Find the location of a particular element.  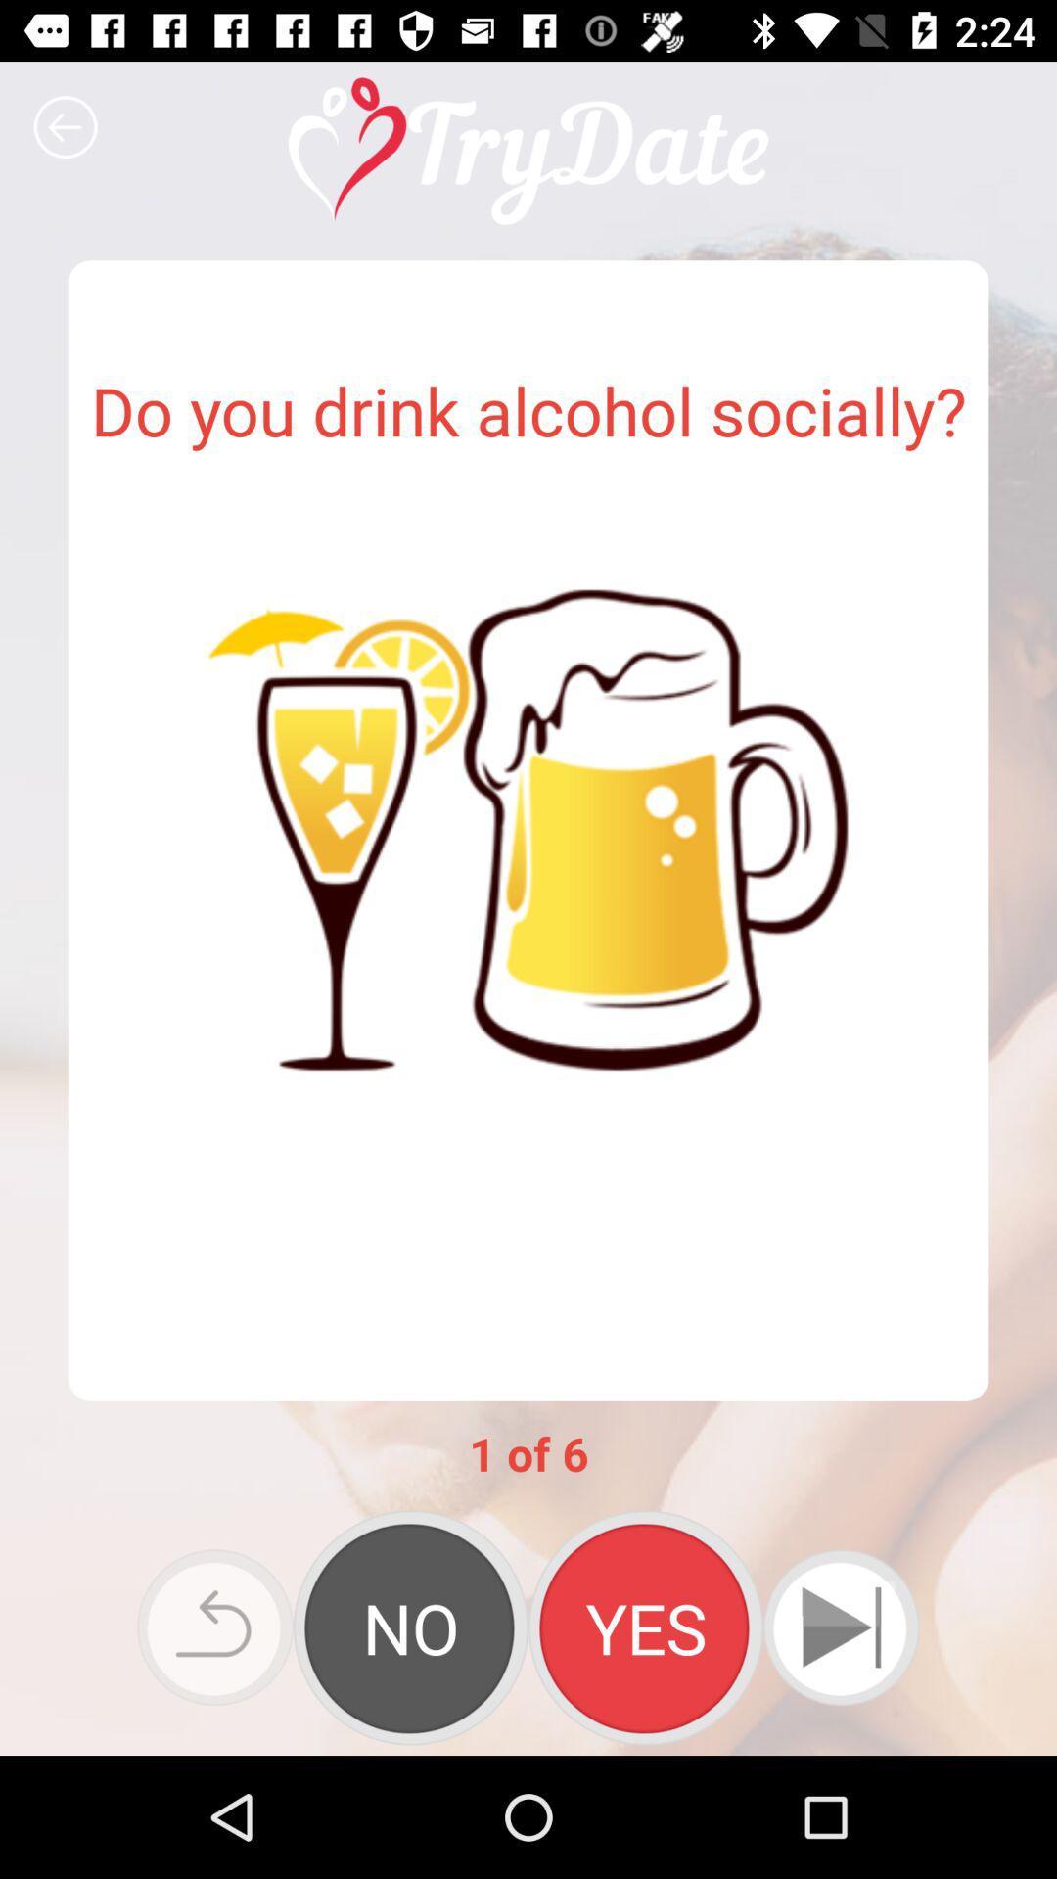

next button is located at coordinates (840, 1627).